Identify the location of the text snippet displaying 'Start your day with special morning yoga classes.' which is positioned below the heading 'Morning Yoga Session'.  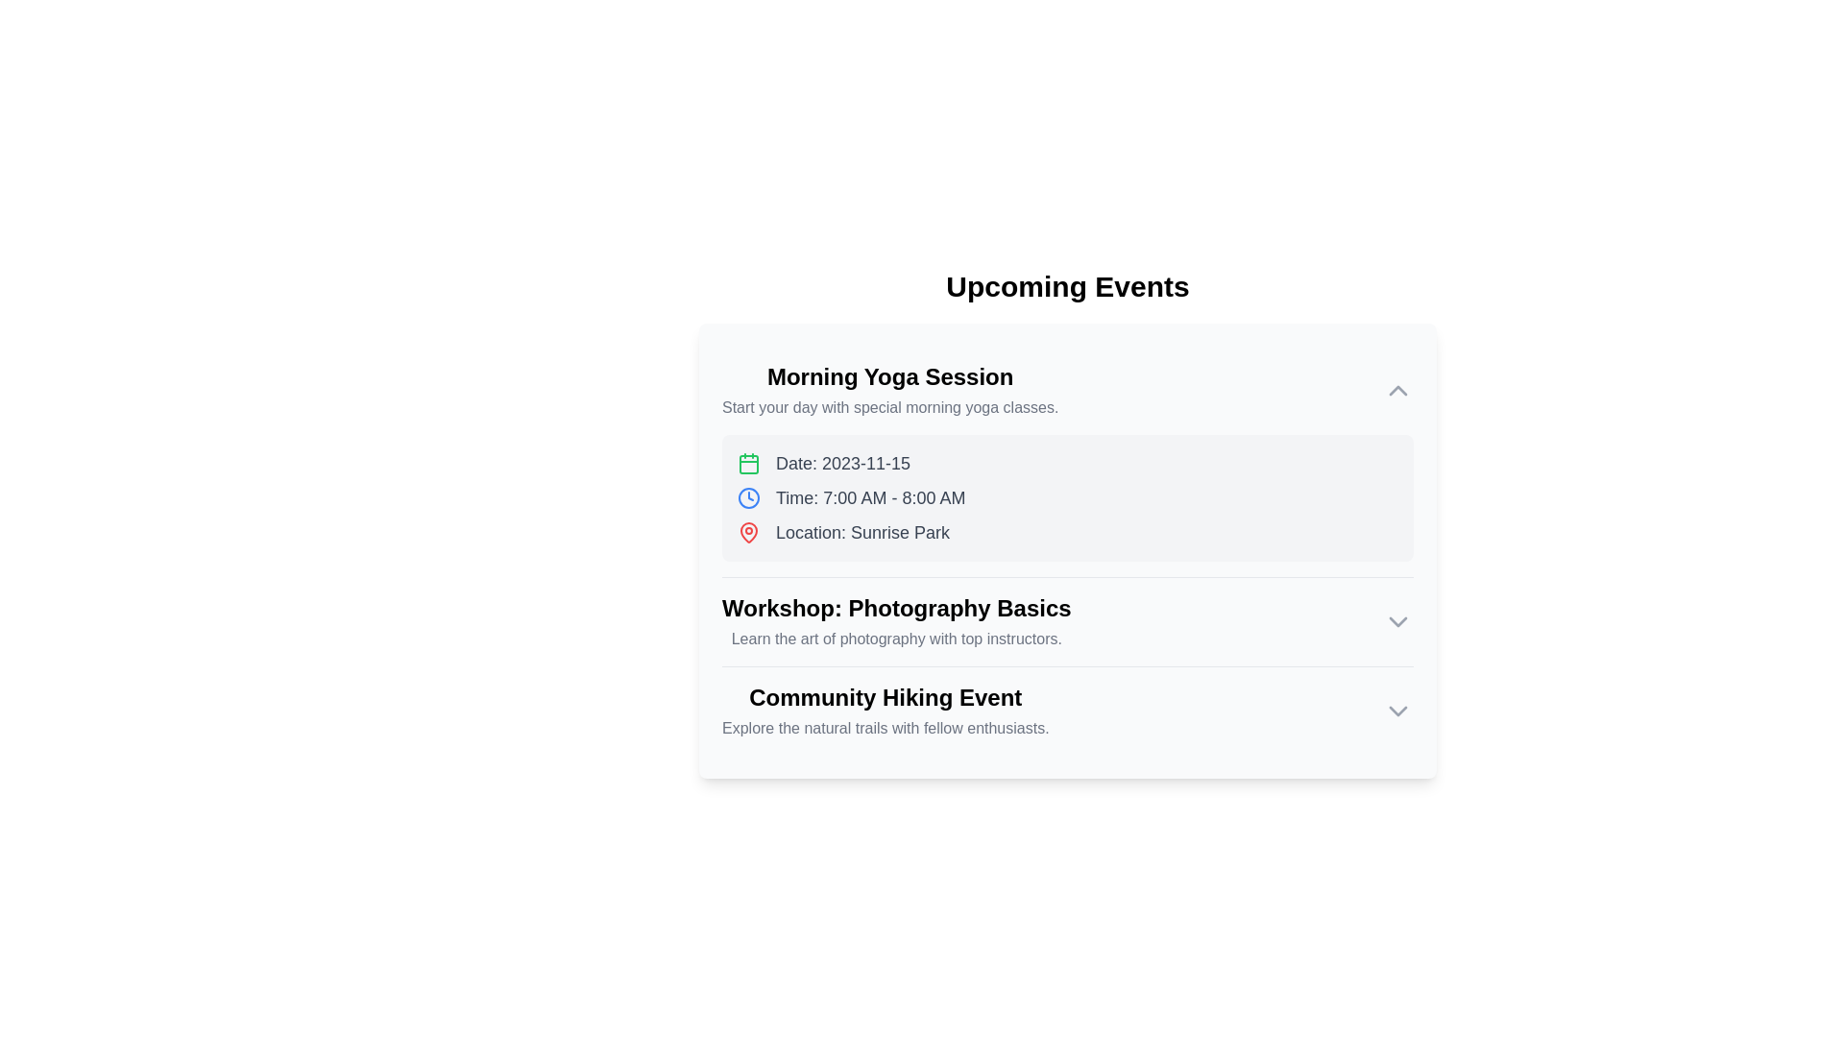
(889, 406).